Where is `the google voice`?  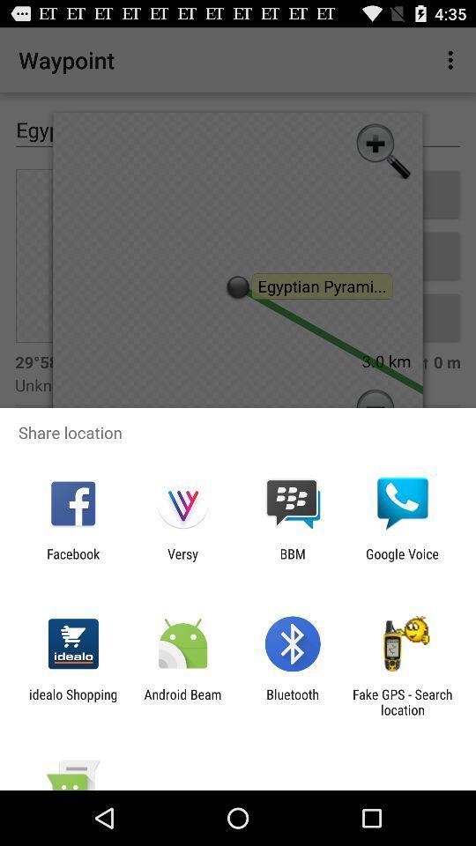
the google voice is located at coordinates (402, 560).